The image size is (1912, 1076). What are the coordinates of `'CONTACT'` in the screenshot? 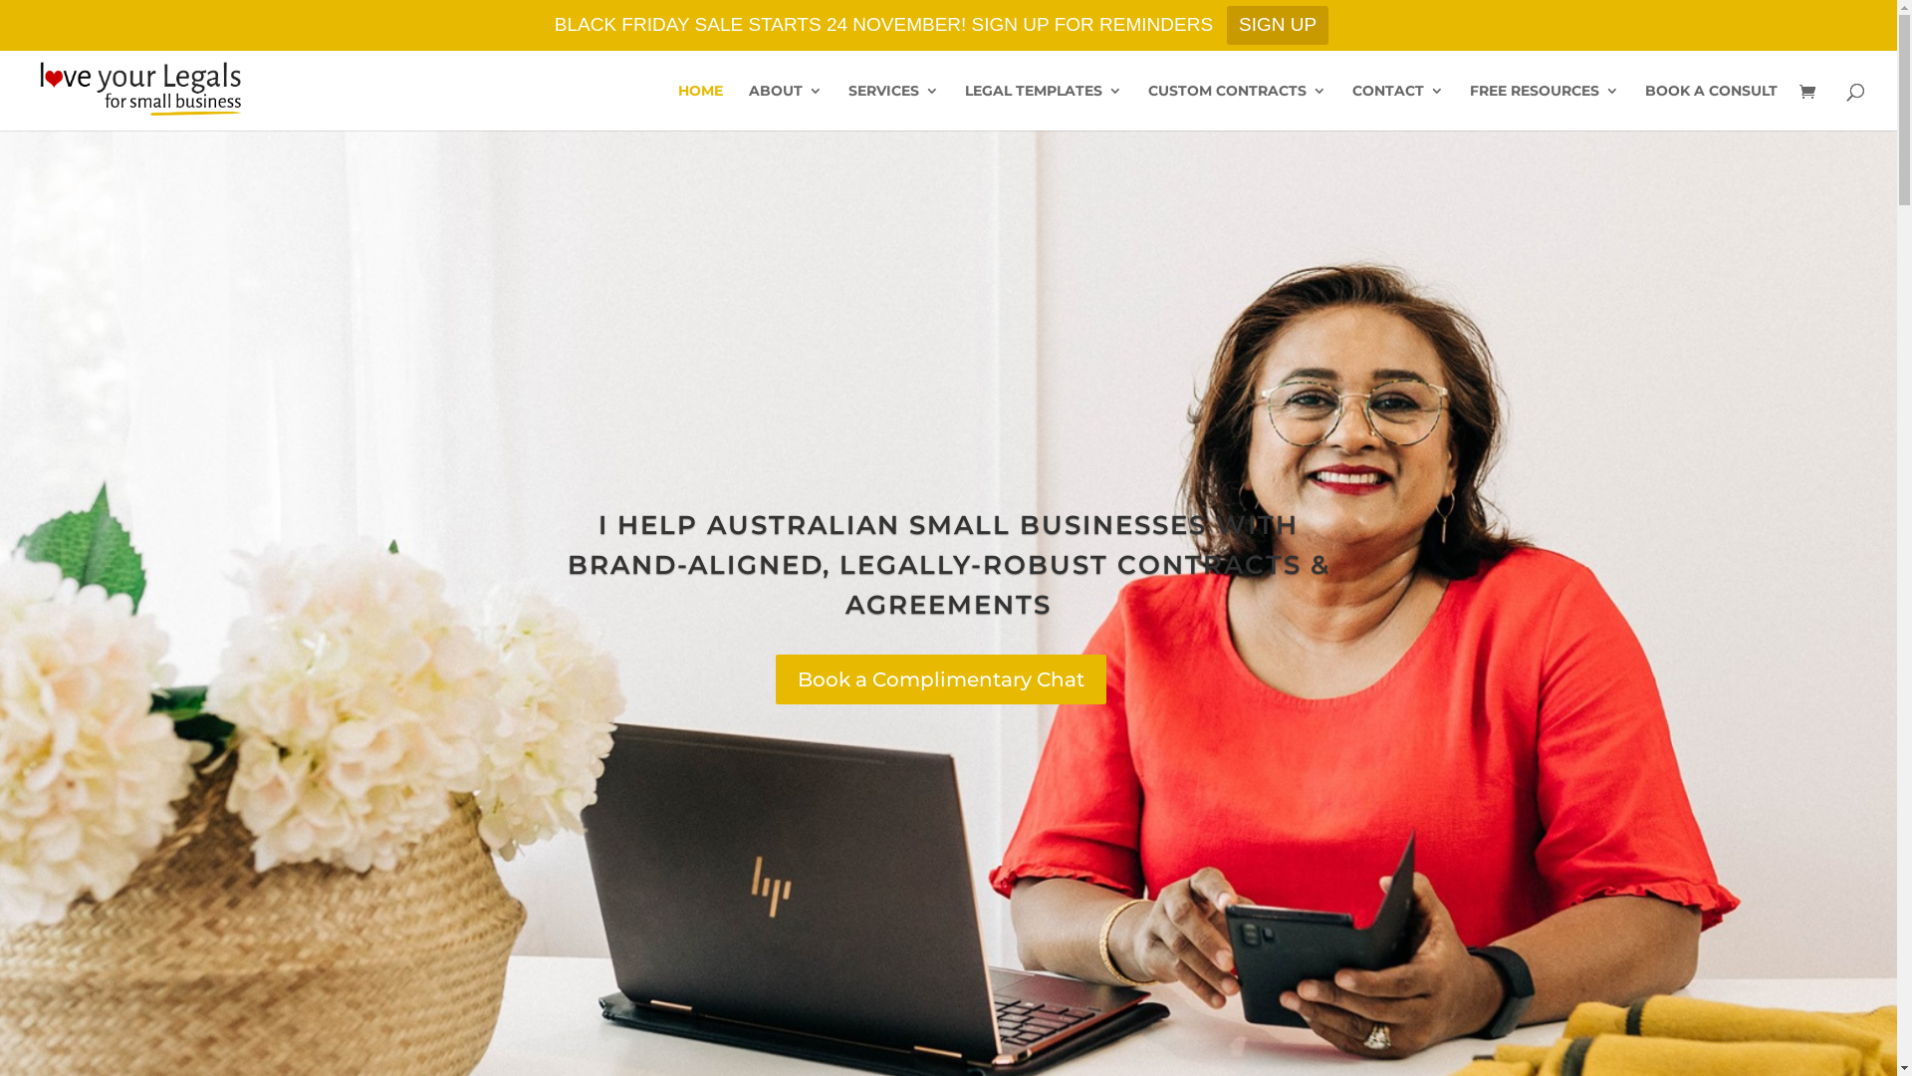 It's located at (1396, 107).